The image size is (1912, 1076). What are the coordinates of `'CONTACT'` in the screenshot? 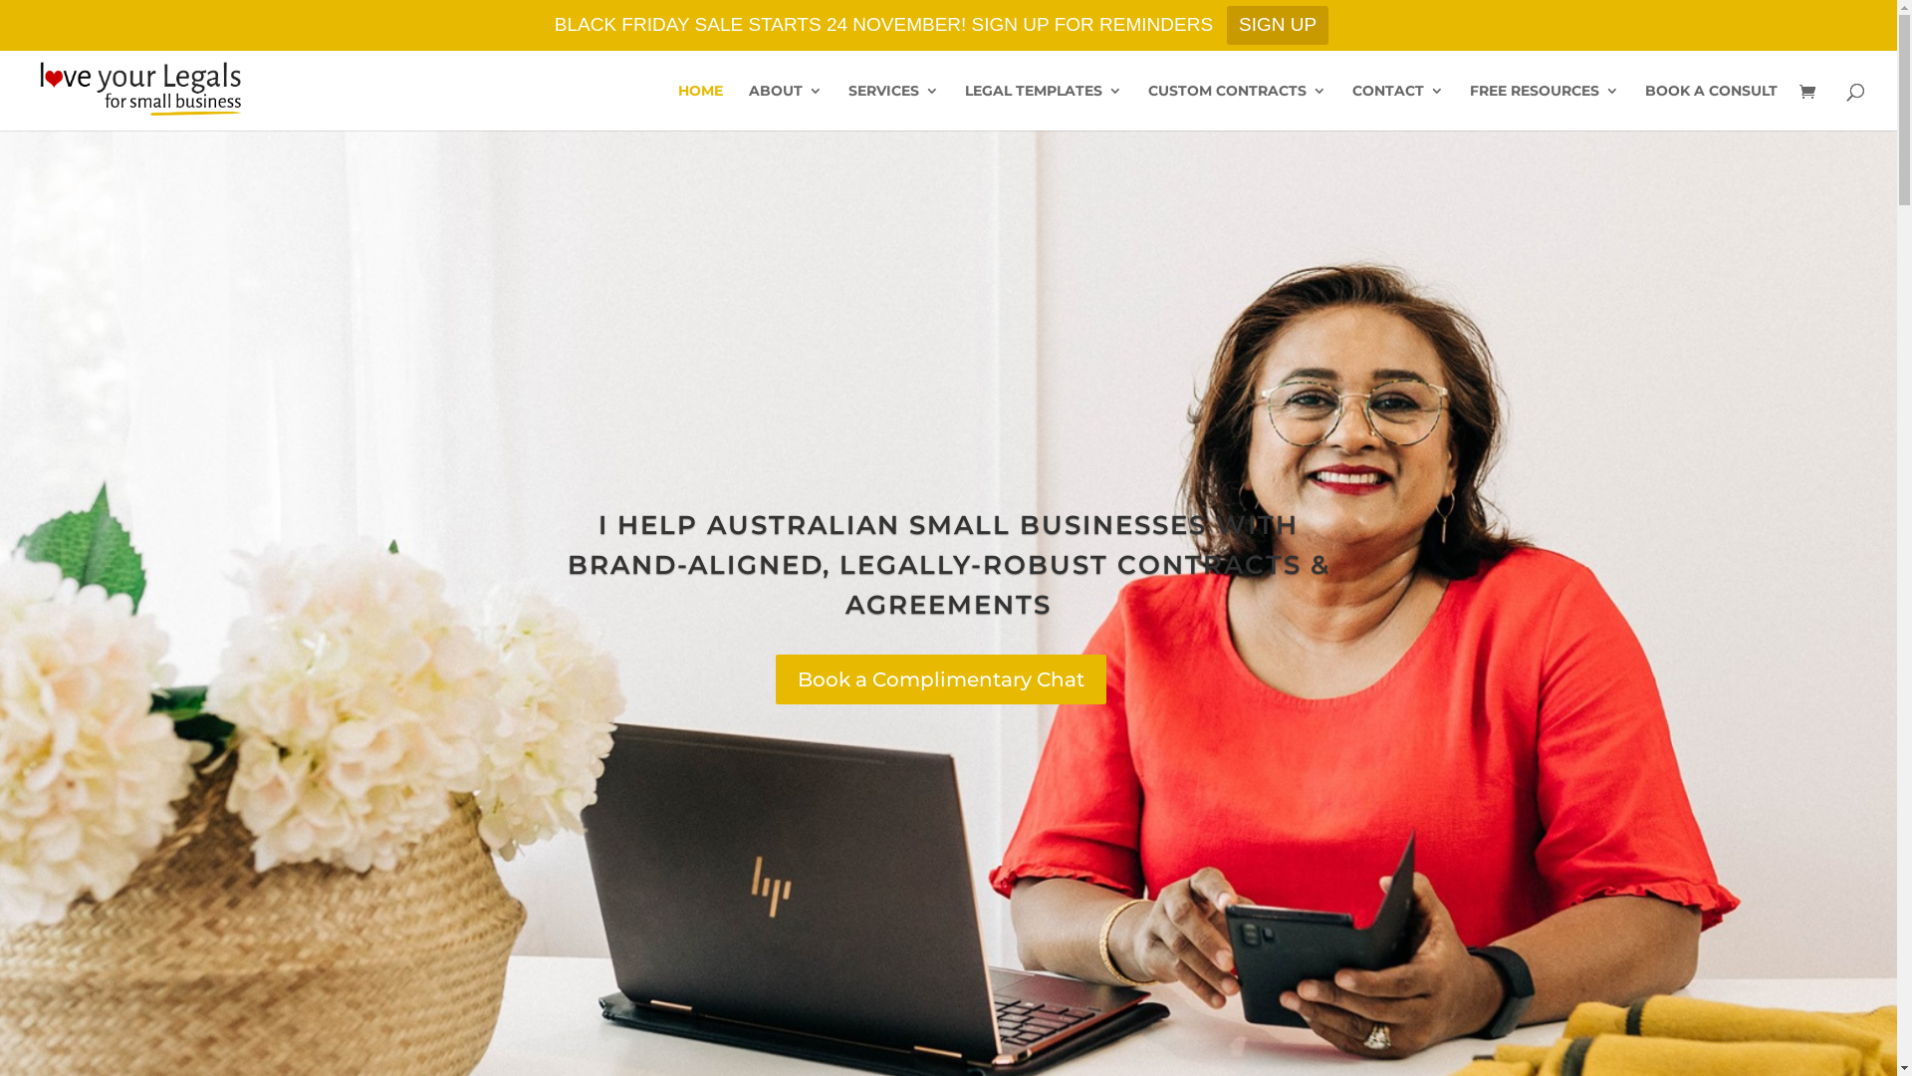 It's located at (1396, 107).